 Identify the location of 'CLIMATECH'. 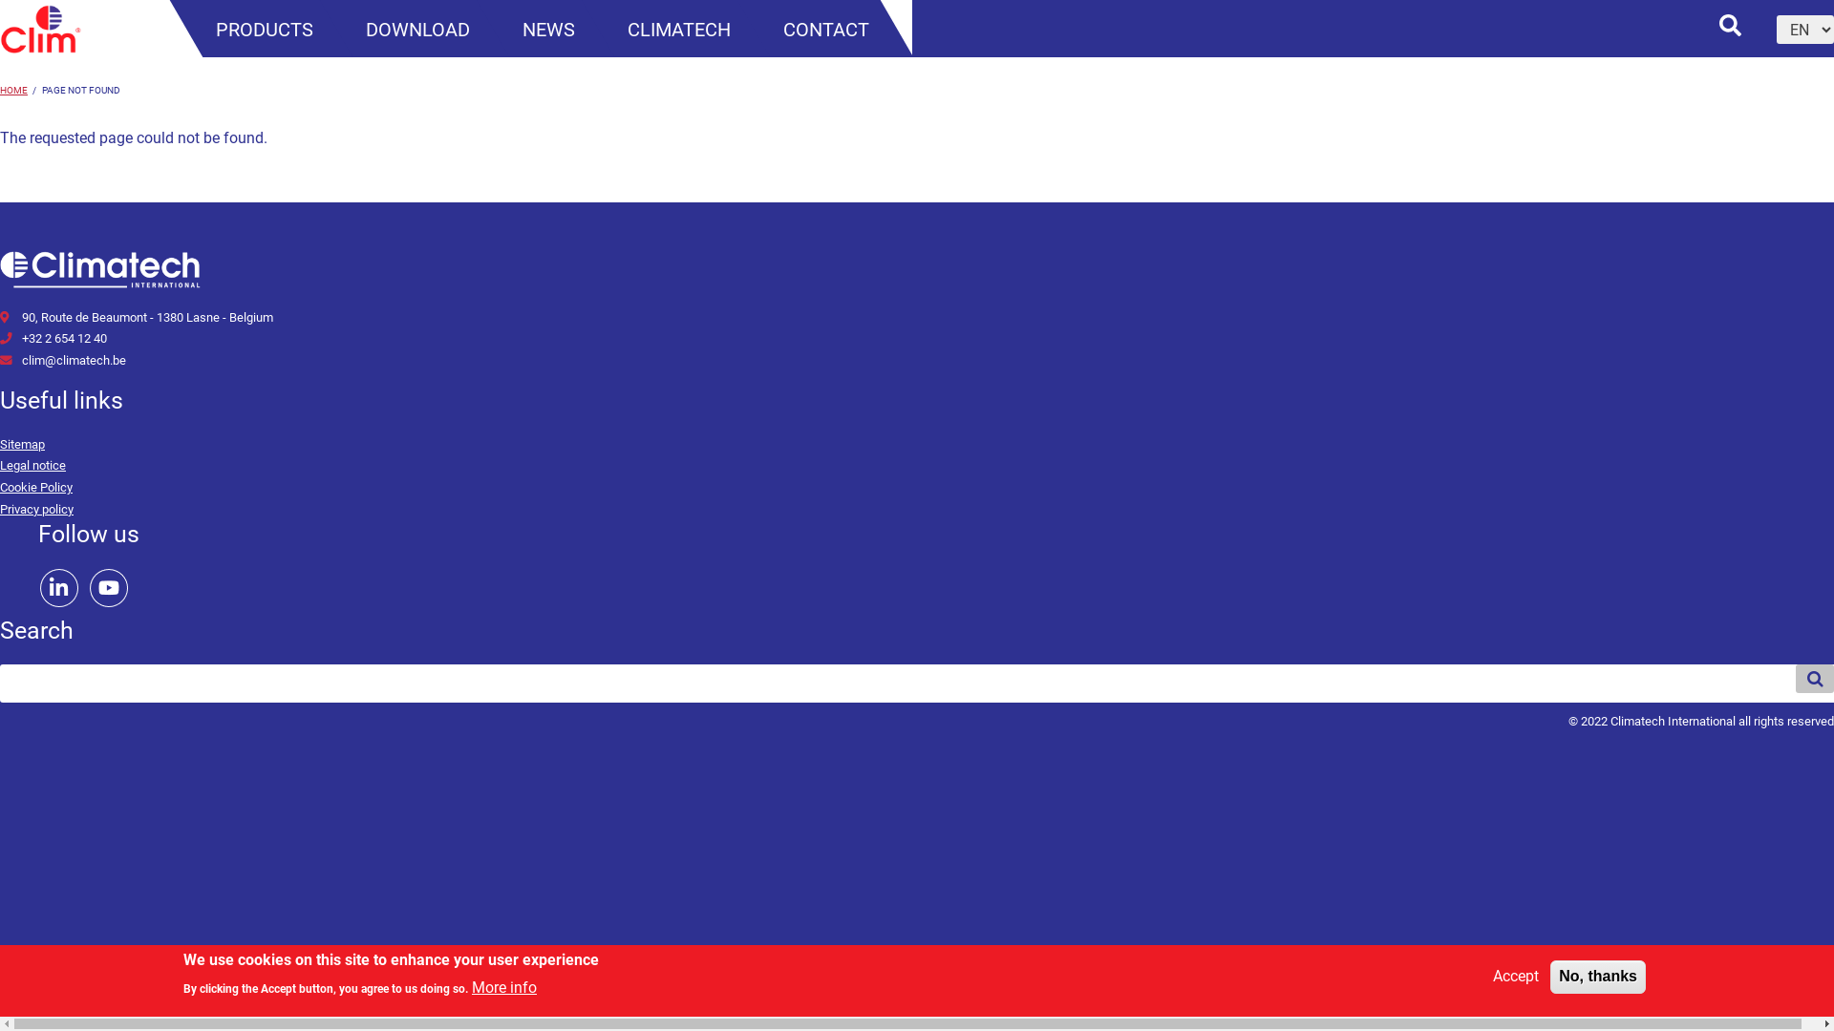
(678, 30).